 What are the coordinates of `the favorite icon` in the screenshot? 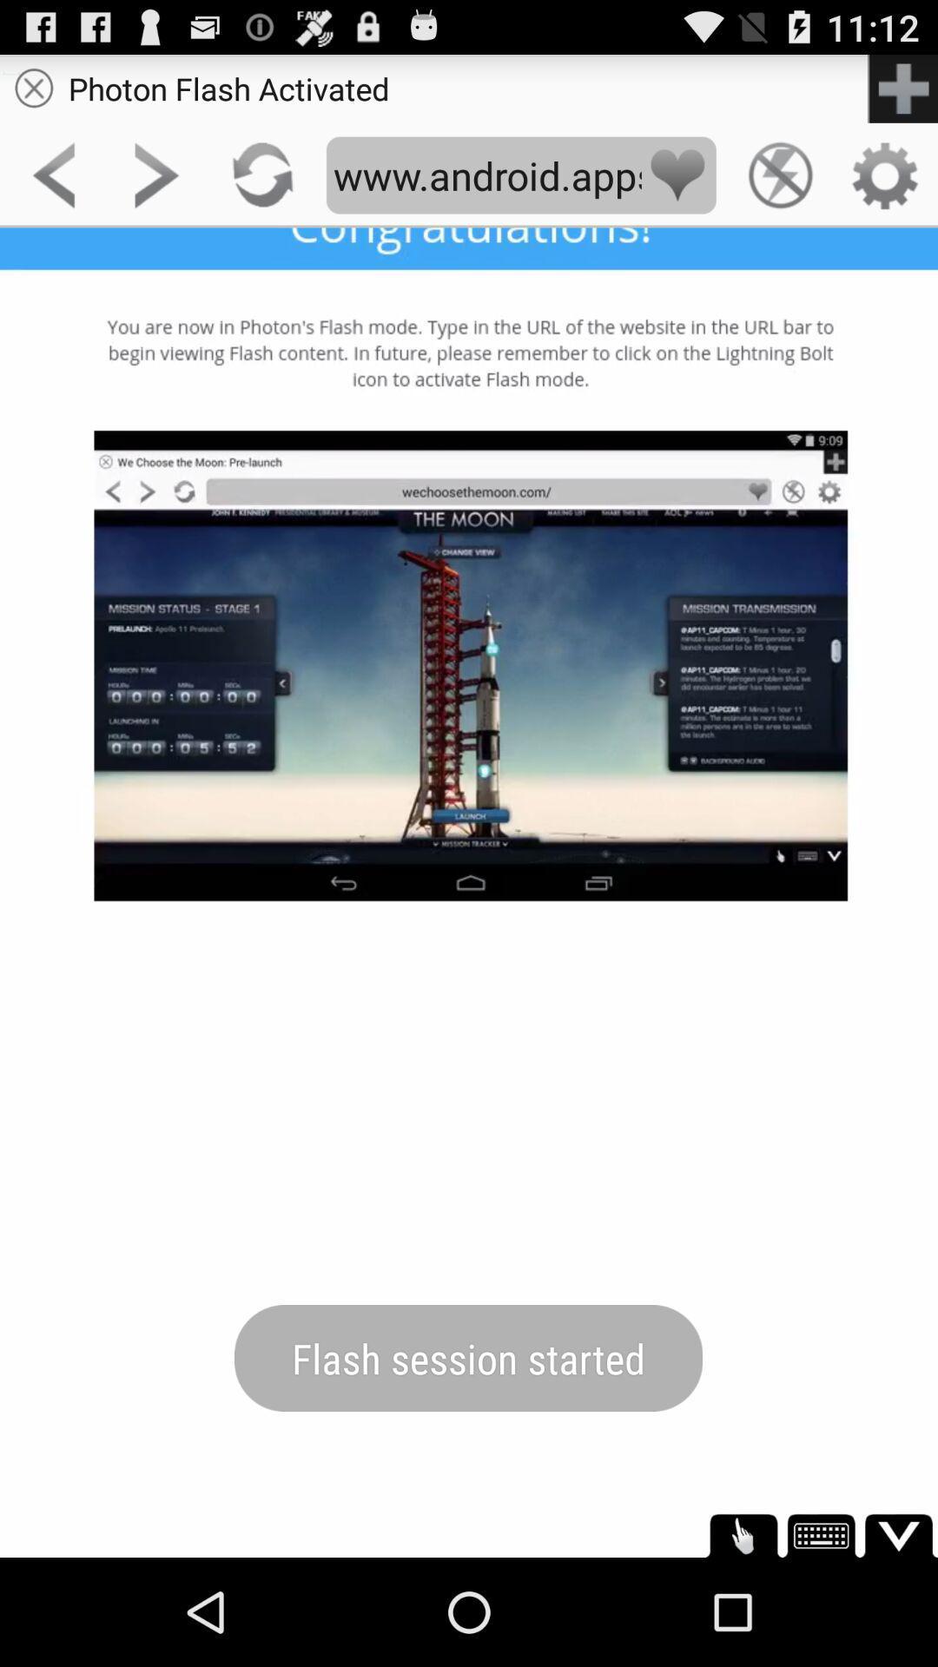 It's located at (677, 188).